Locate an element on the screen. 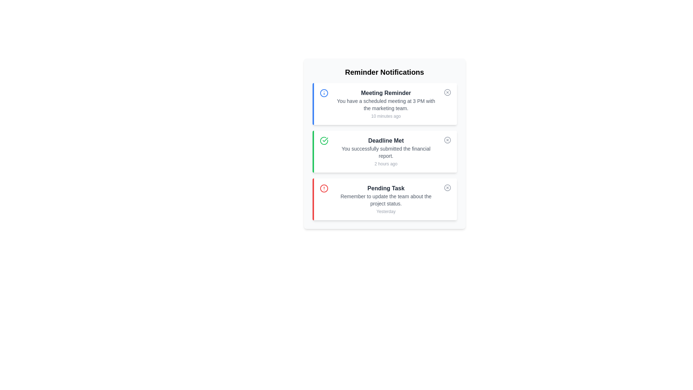  the interactive button located at the top-right of the 'Deadline Met' notification card is located at coordinates (447, 140).